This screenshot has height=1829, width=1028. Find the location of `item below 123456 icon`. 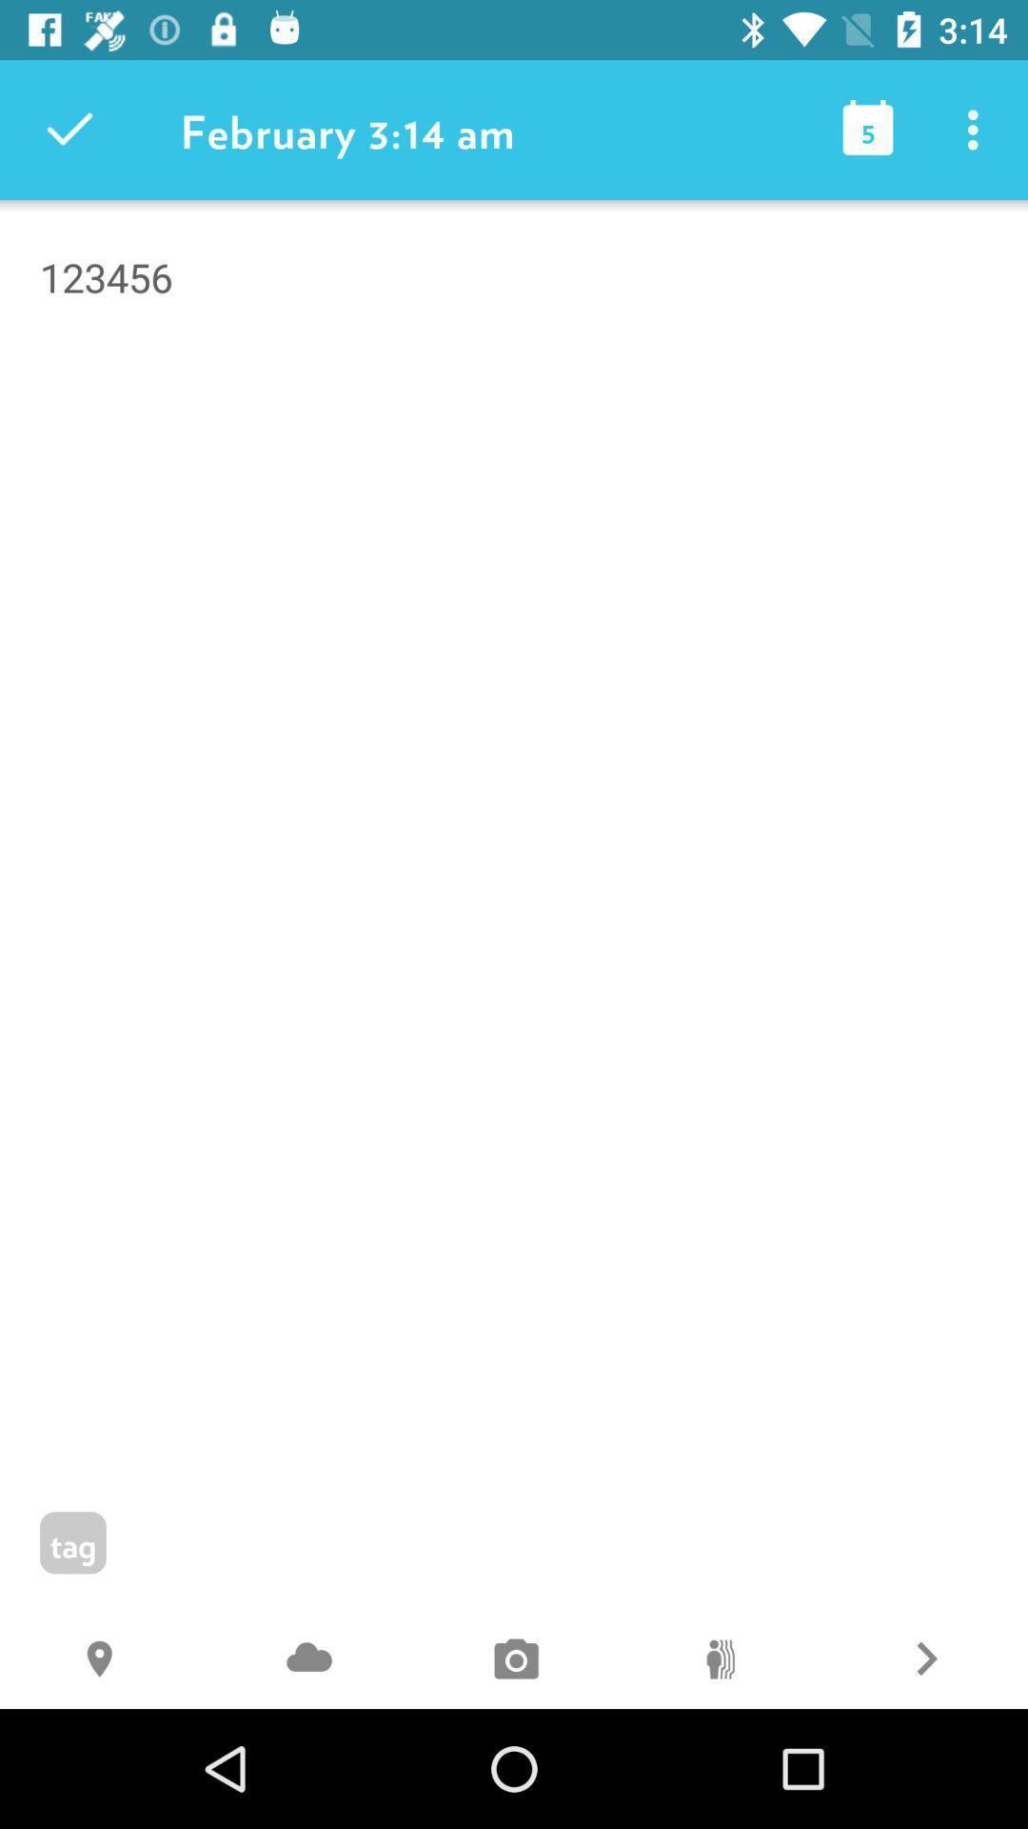

item below 123456 icon is located at coordinates (307, 1660).